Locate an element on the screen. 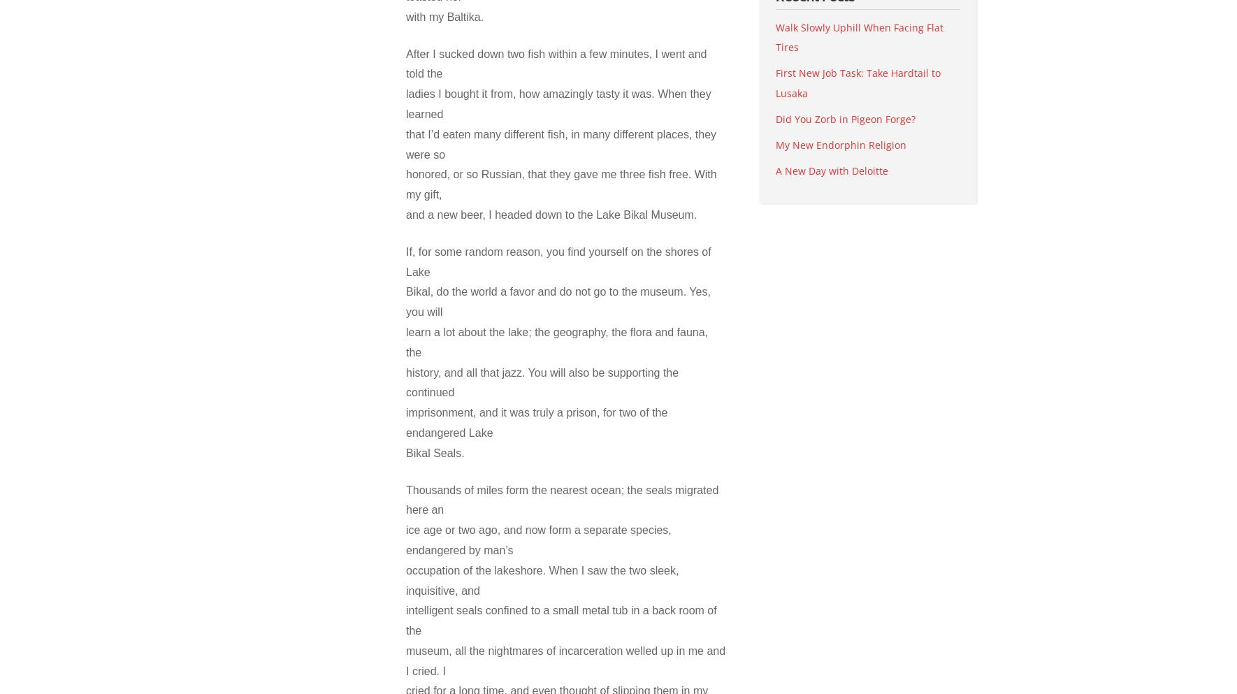  'with my Baltika.' is located at coordinates (444, 15).